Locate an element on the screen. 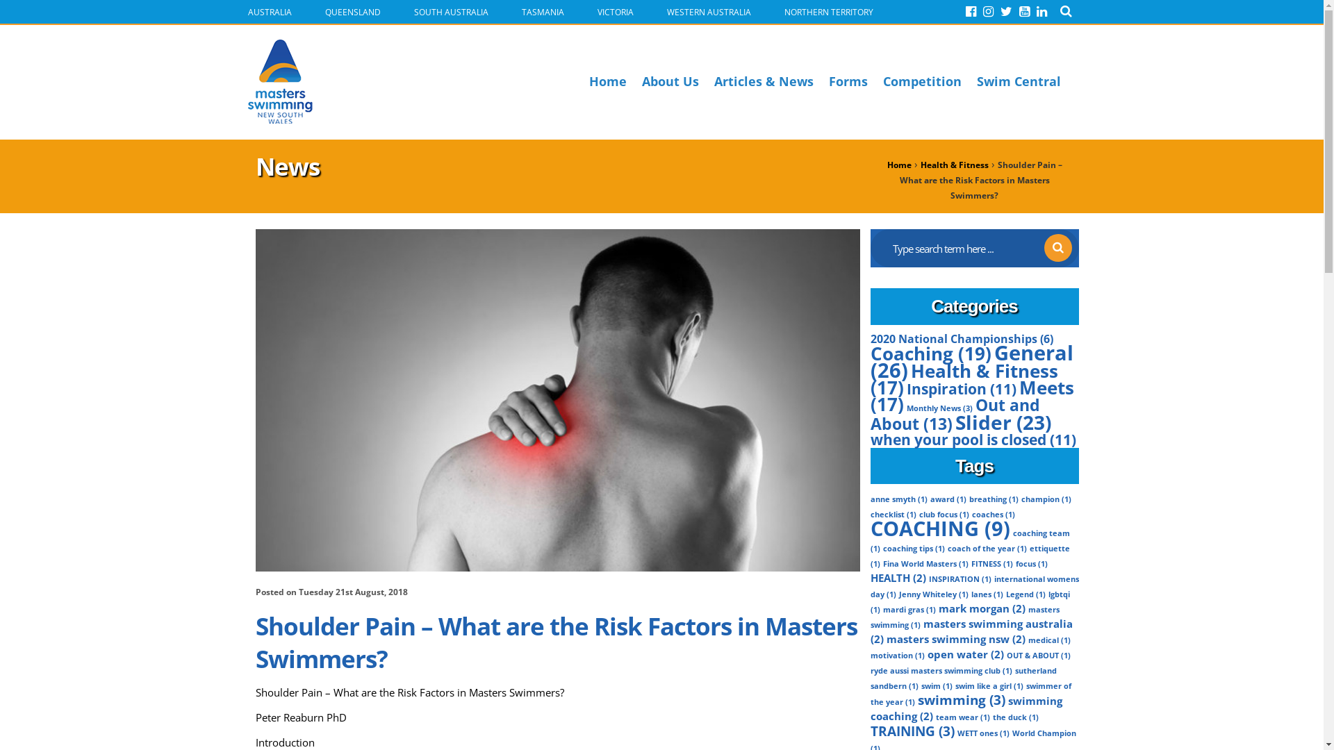  'Coaching (19)' is located at coordinates (930, 353).